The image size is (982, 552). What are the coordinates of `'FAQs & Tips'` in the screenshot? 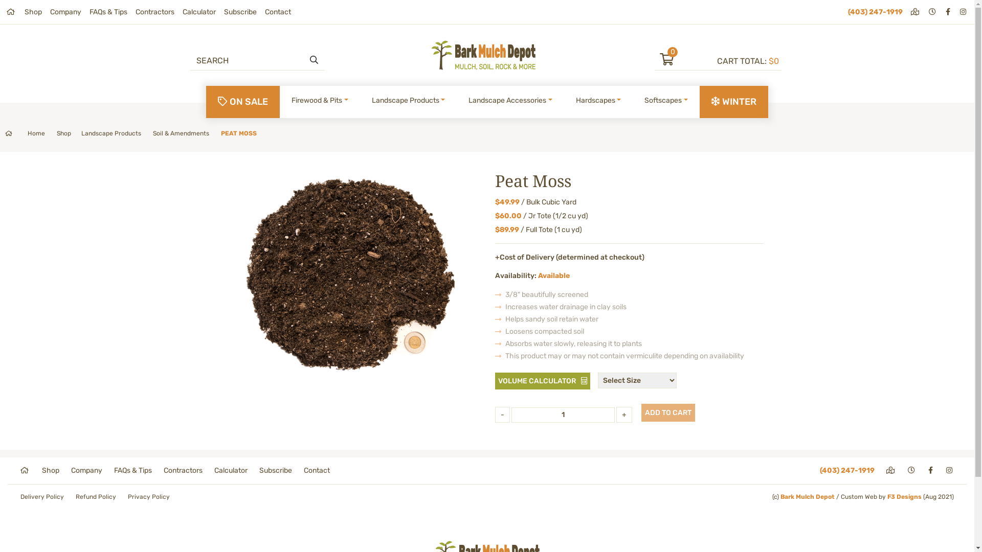 It's located at (108, 12).